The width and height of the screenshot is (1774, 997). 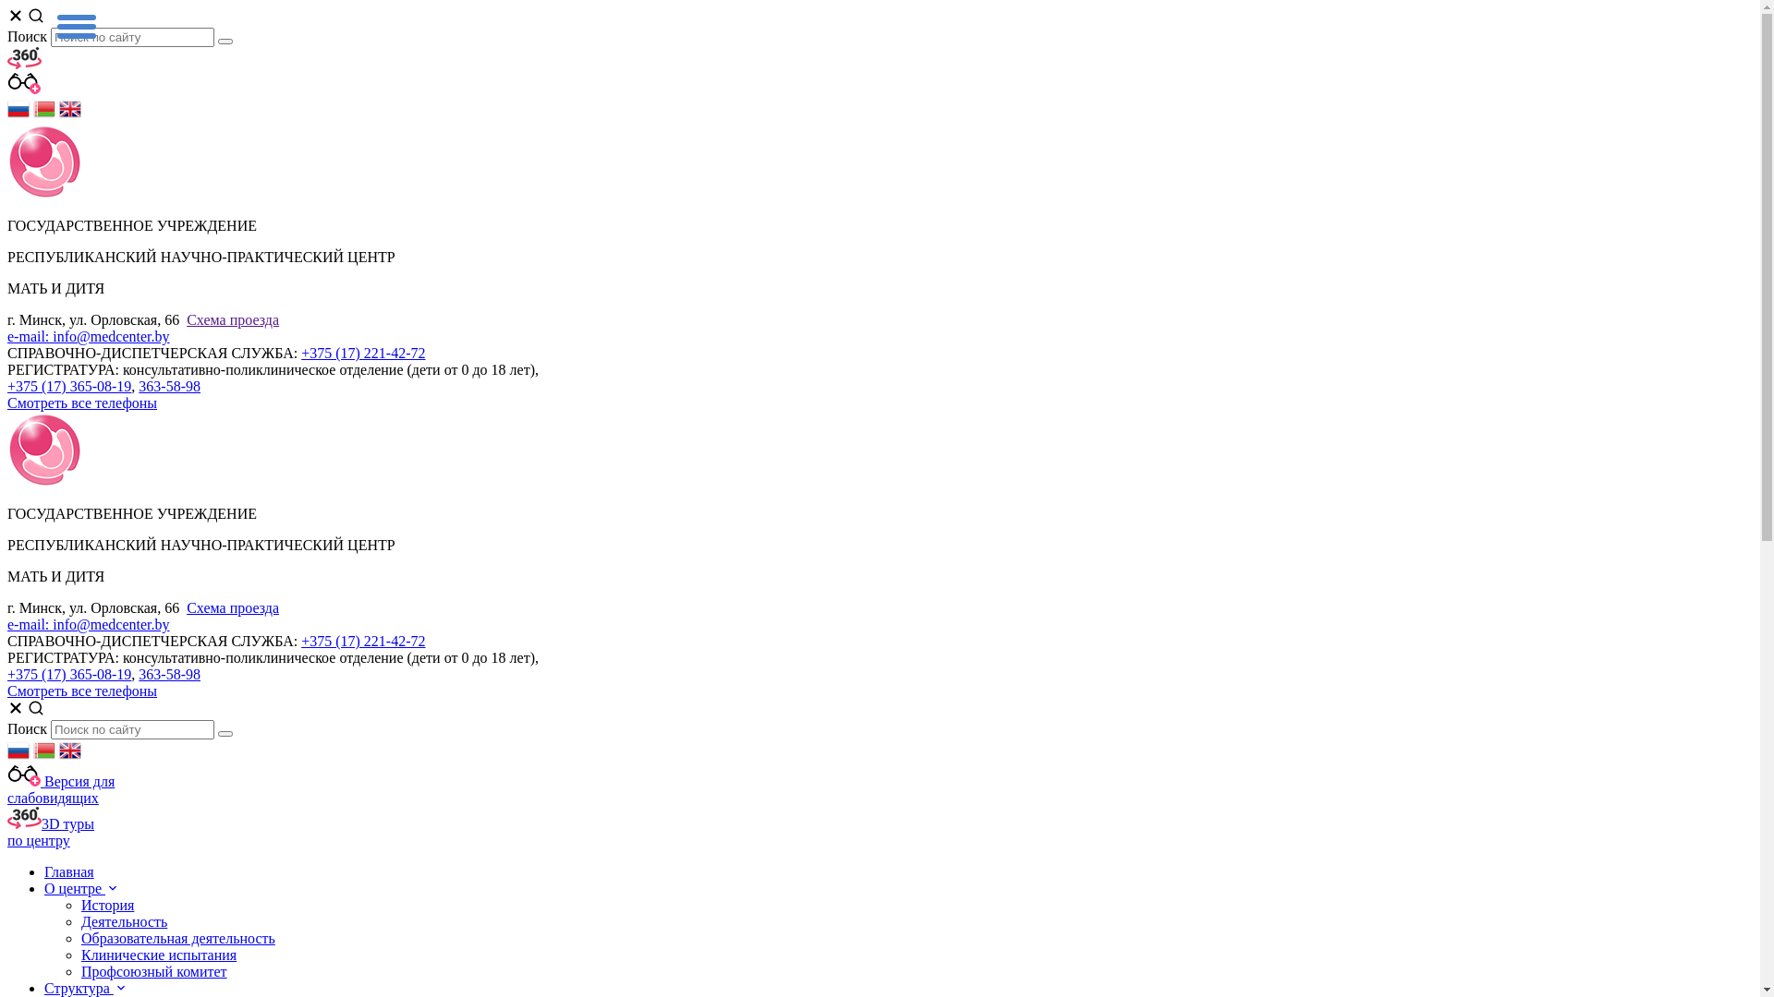 What do you see at coordinates (44, 756) in the screenshot?
I see `'Belarusian'` at bounding box center [44, 756].